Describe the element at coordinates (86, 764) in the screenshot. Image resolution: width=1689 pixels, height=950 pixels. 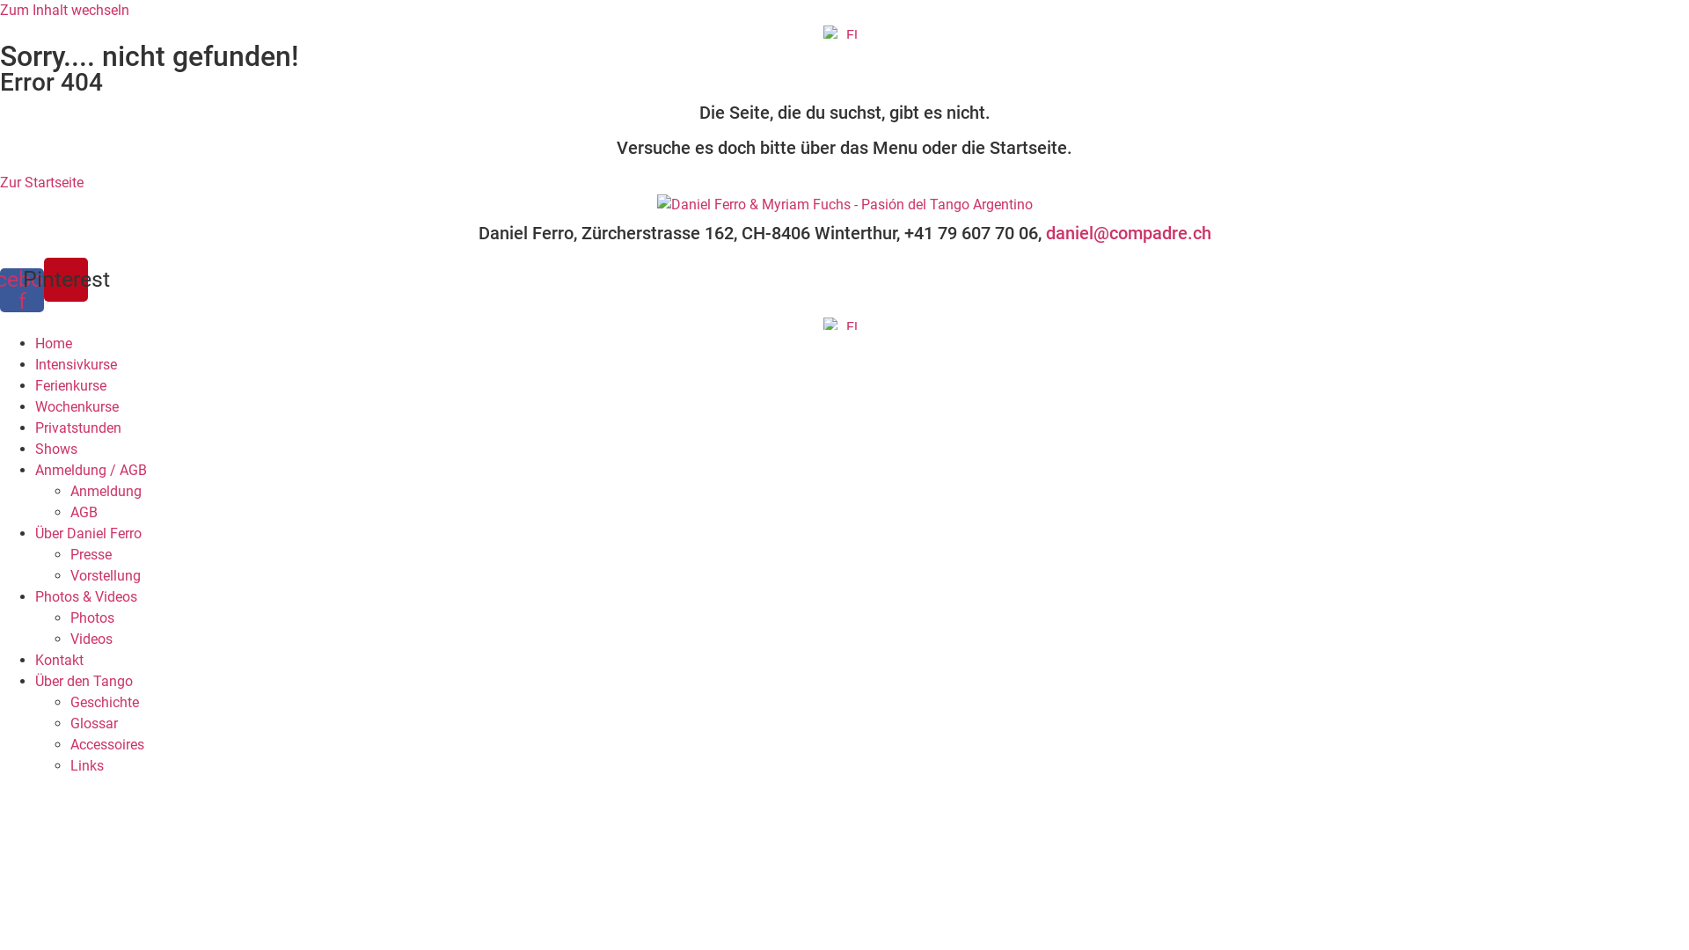
I see `'Links'` at that location.